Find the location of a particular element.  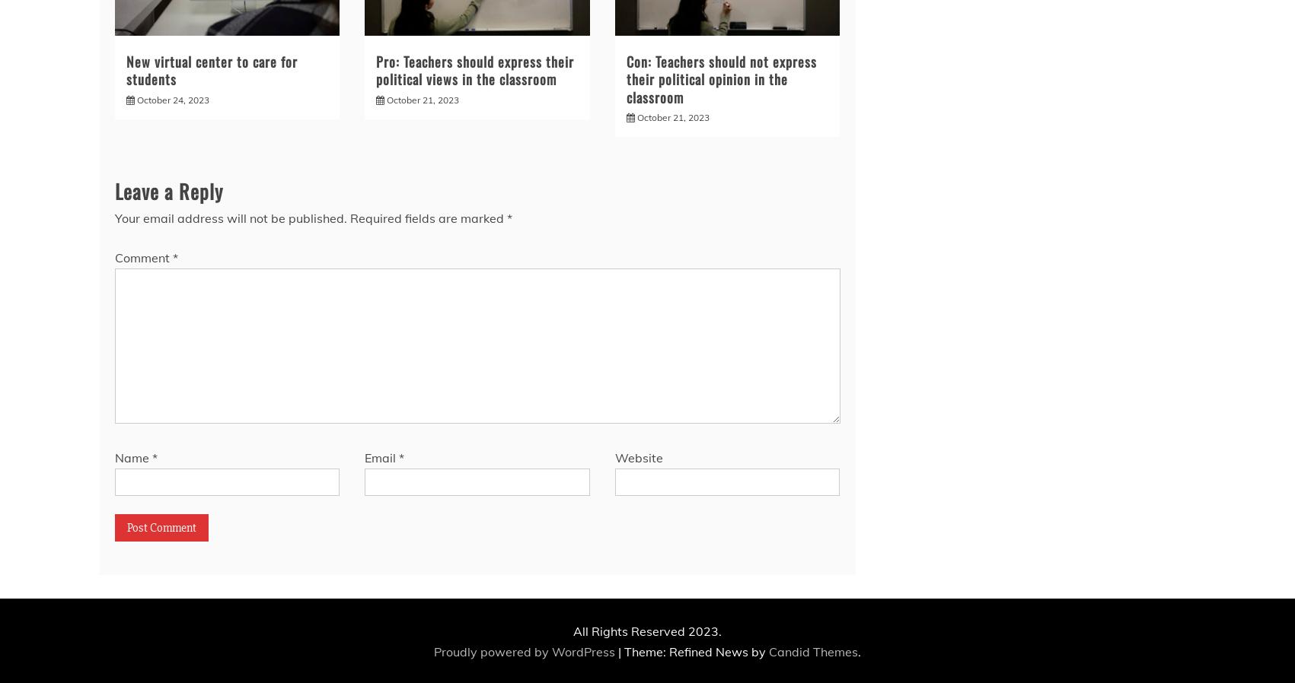

'Your email address will not be published.' is located at coordinates (230, 218).